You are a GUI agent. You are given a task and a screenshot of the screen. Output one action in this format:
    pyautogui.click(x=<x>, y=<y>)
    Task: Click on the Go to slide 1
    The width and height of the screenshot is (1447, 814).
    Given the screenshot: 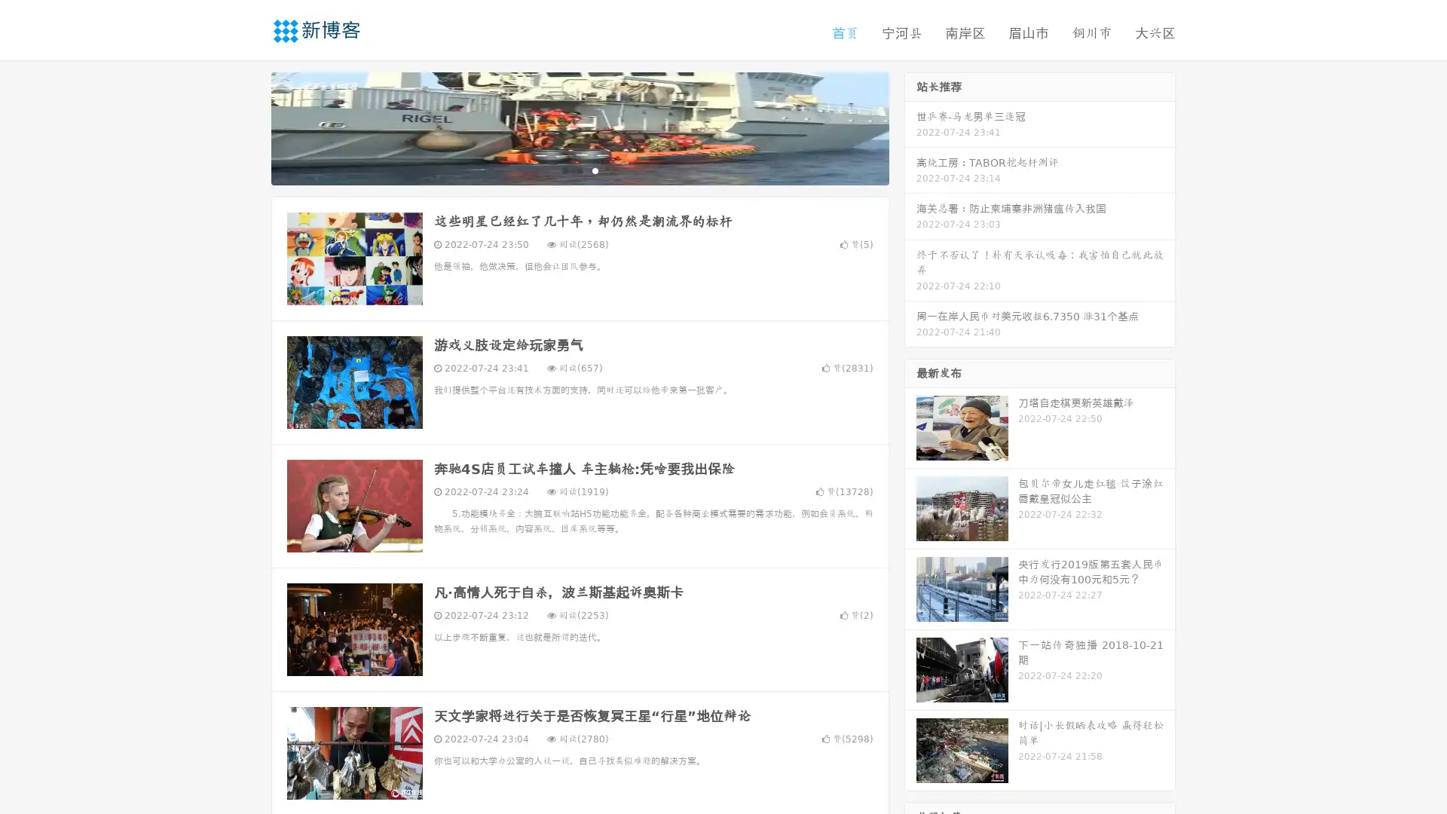 What is the action you would take?
    pyautogui.click(x=564, y=170)
    